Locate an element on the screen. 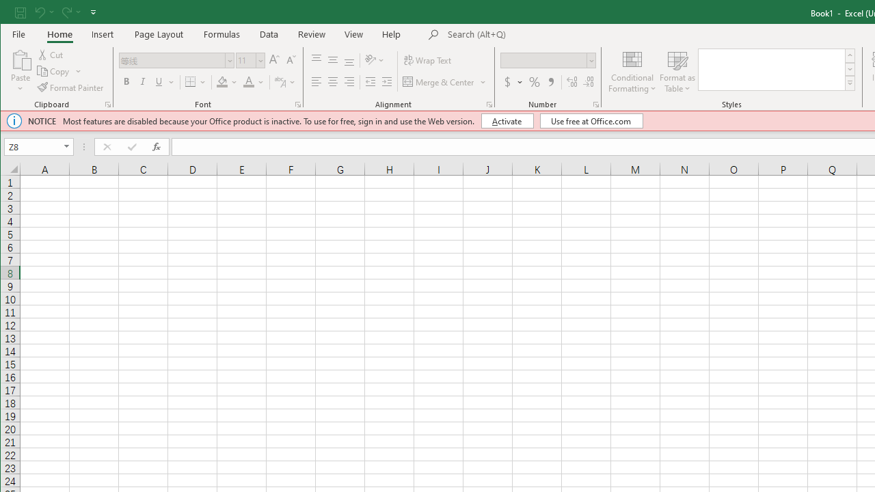  'Font Size' is located at coordinates (245, 59).